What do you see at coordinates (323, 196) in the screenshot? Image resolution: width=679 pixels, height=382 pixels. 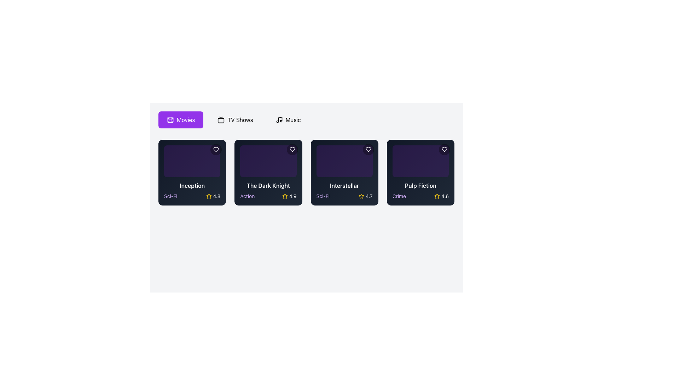 I see `text label displaying 'Sci-Fi' in purple color below the 'Interstellar' movie card` at bounding box center [323, 196].